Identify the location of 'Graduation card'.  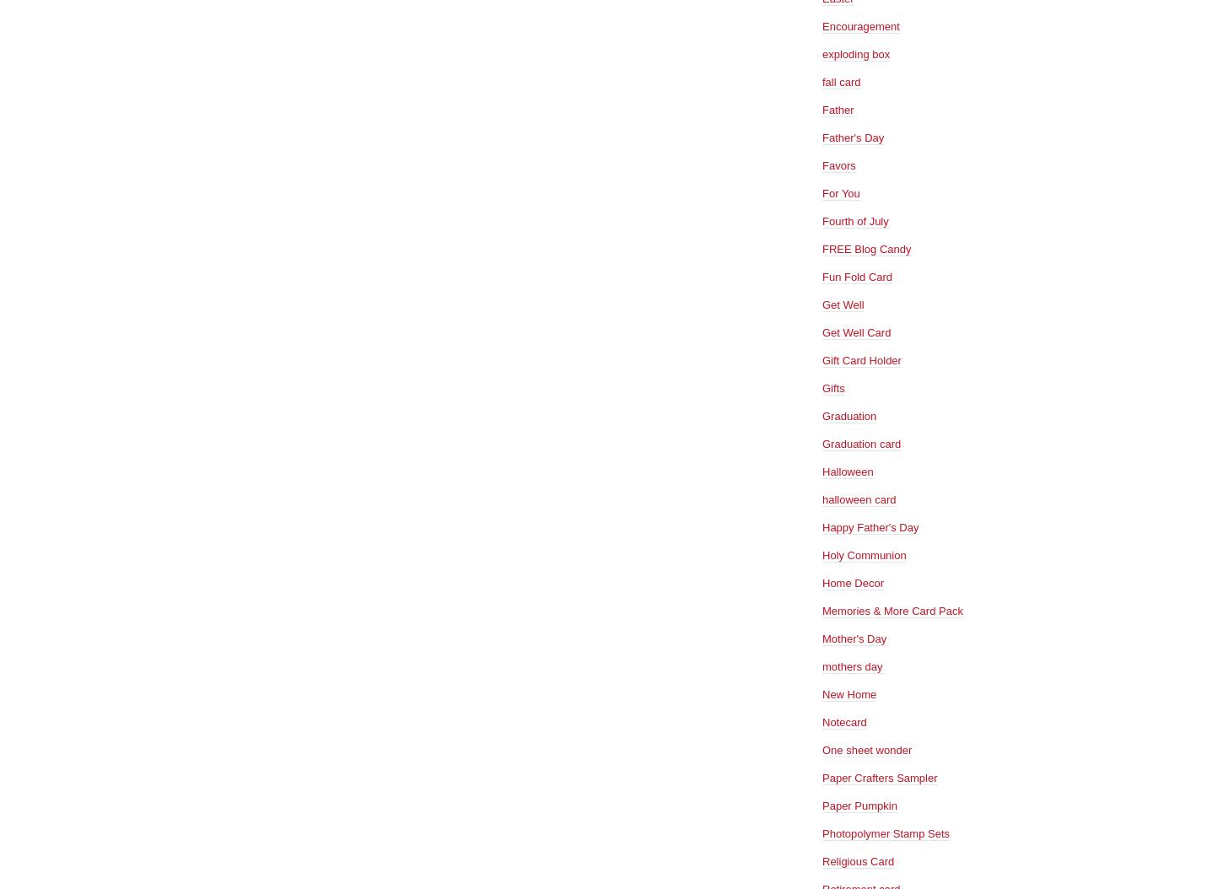
(861, 442).